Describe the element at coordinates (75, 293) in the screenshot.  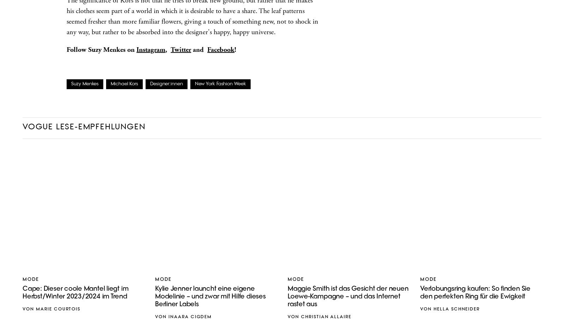
I see `'Cape: Dieser coole Mantel liegt im Herbst/Winter 2023/2024 im Trend'` at that location.